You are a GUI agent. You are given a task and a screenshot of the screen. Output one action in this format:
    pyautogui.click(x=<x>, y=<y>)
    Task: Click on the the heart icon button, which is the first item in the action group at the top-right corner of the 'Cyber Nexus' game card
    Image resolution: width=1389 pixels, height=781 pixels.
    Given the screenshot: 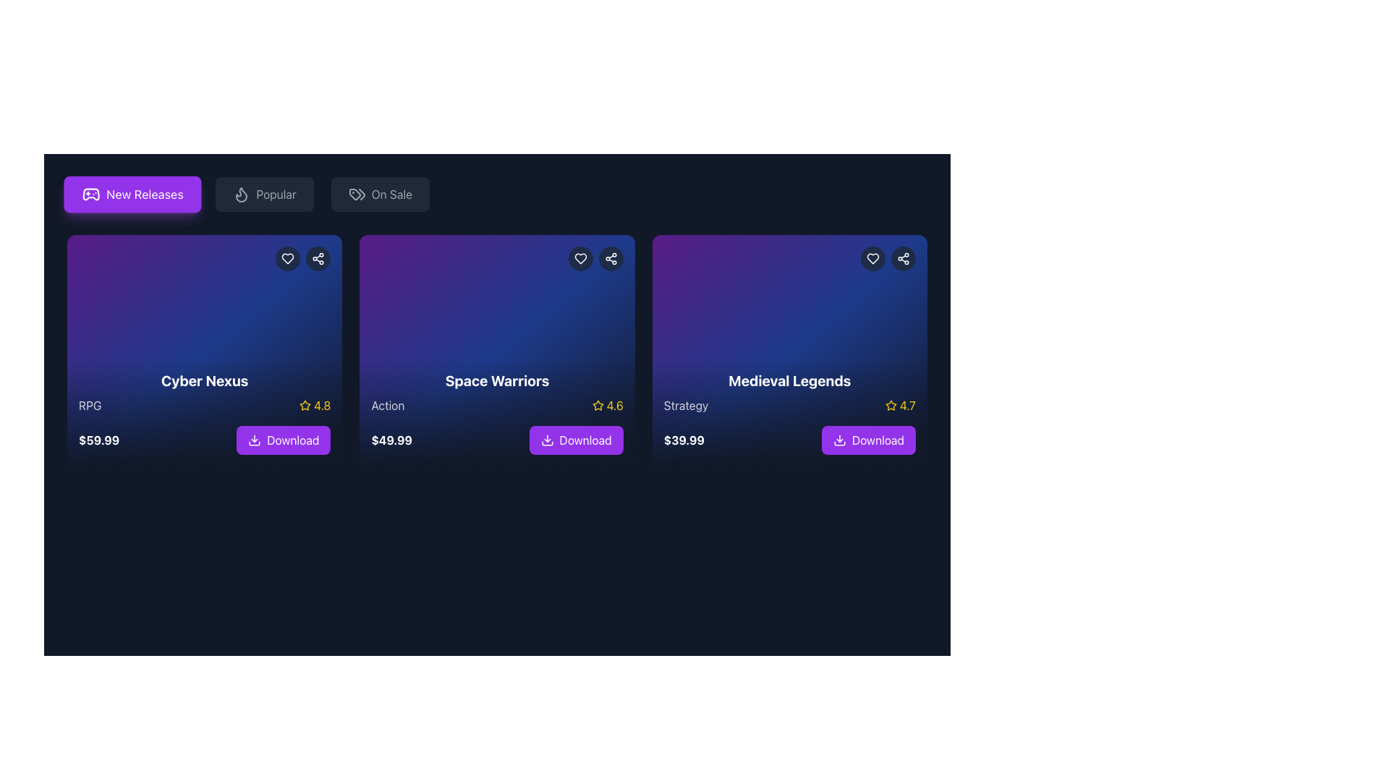 What is the action you would take?
    pyautogui.click(x=288, y=258)
    